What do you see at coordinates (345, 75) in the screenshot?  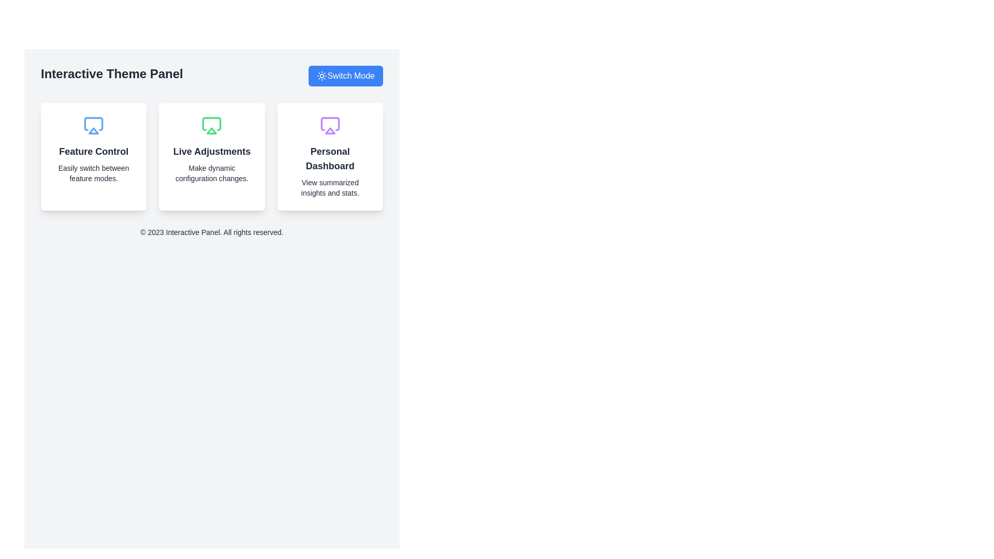 I see `the 'Switch Mode' button with a blue background and white text, located at the top-right corner of the 'Interactive Theme Panel', to switch the mode` at bounding box center [345, 75].